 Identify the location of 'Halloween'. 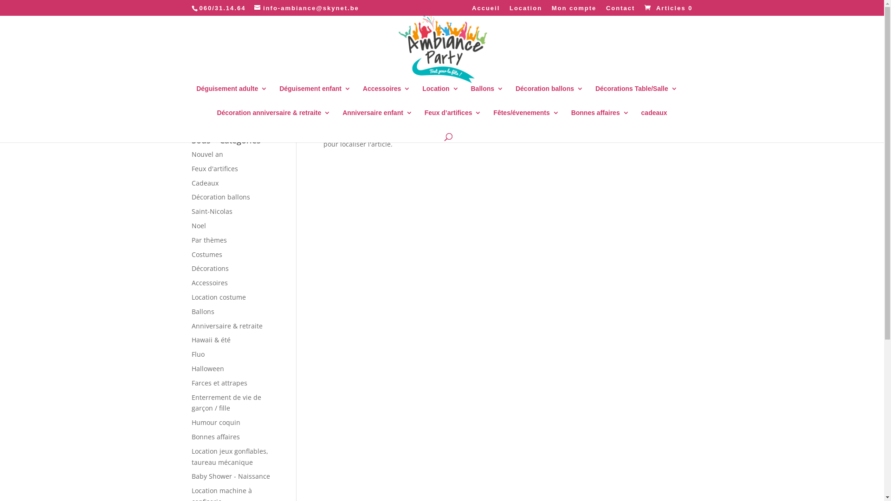
(207, 368).